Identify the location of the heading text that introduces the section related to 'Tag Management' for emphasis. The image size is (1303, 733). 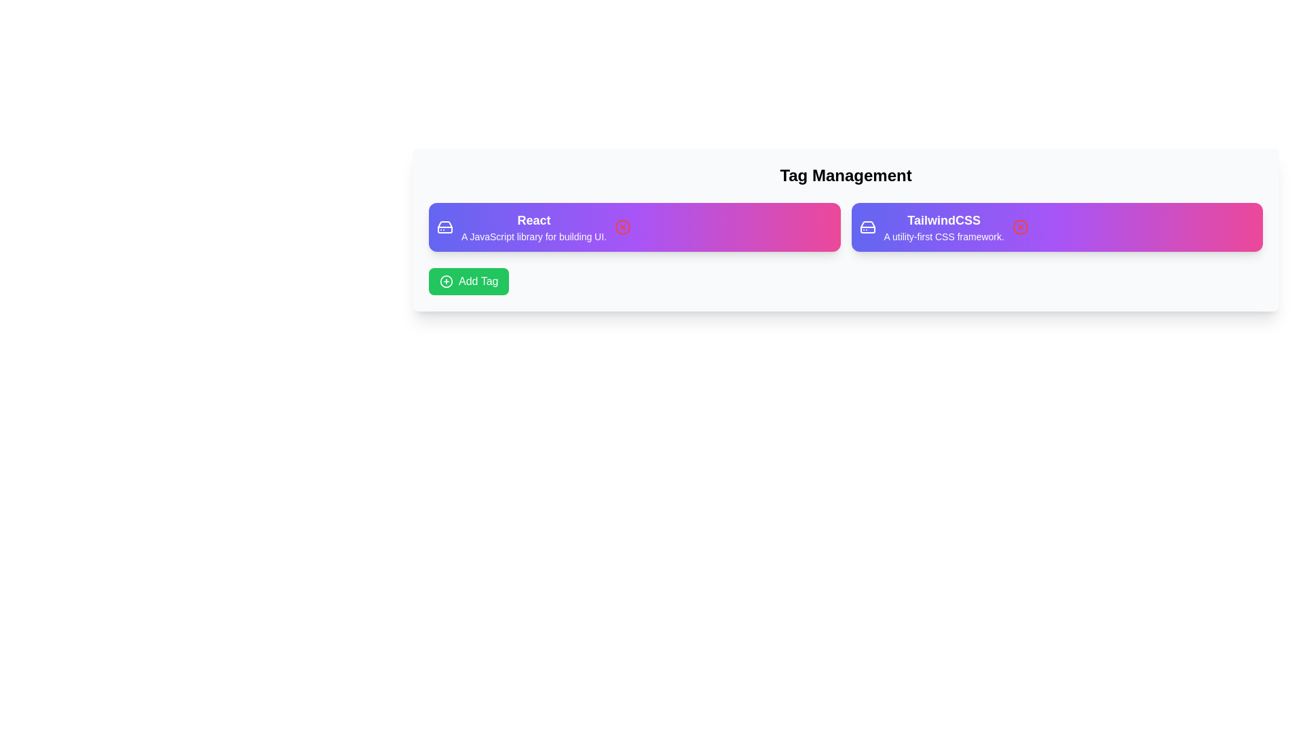
(845, 174).